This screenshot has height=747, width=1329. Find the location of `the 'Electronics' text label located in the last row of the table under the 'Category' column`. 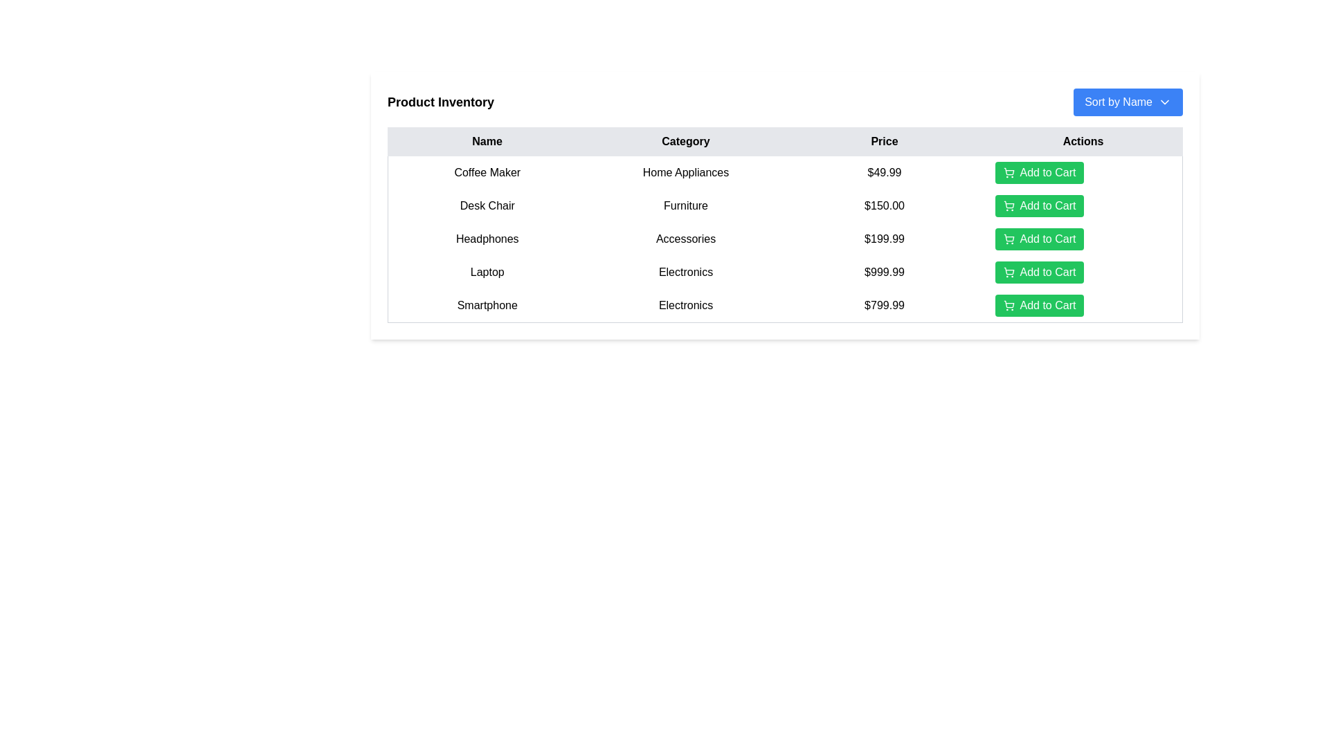

the 'Electronics' text label located in the last row of the table under the 'Category' column is located at coordinates (685, 305).